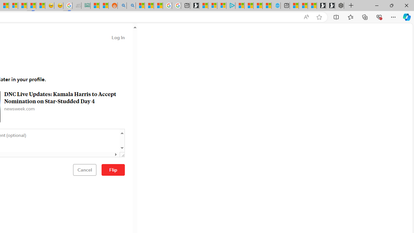  What do you see at coordinates (113, 169) in the screenshot?
I see `'Flip'` at bounding box center [113, 169].